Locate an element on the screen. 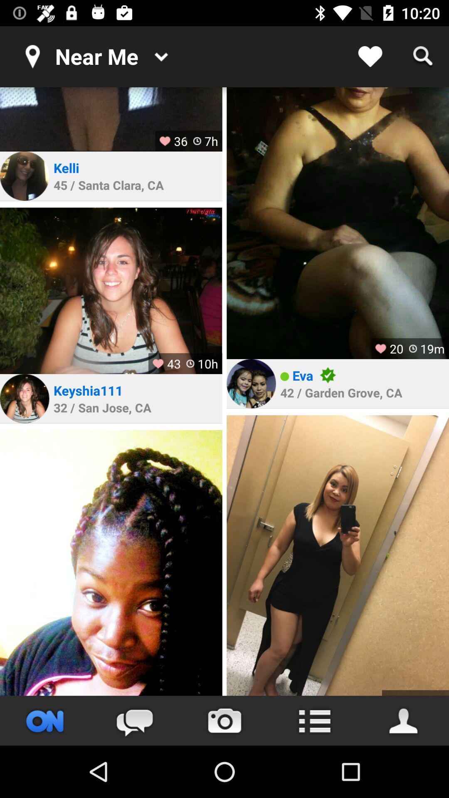  camera is located at coordinates (224, 720).